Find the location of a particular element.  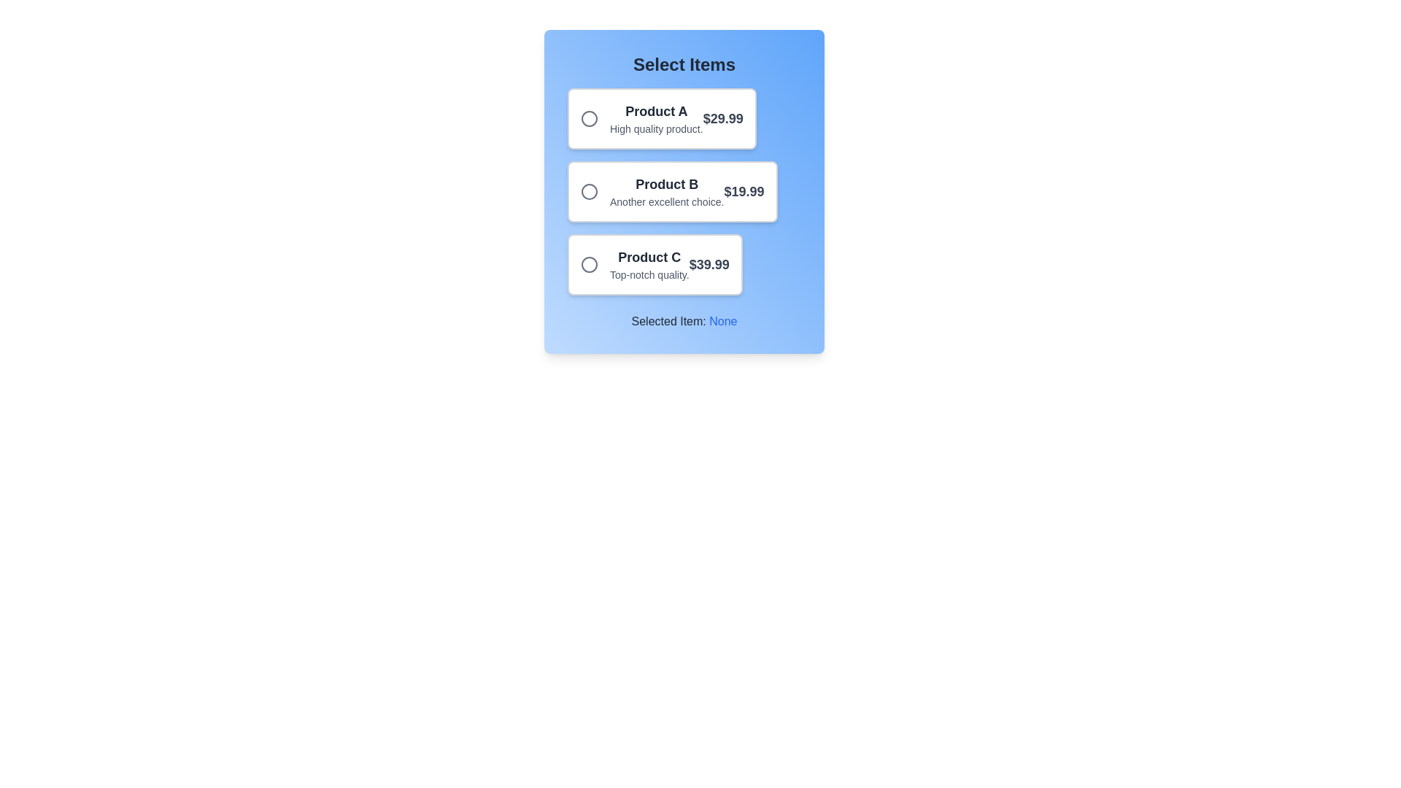

the static text label providing a description of 'Product C' located below the 'Product C' text in the third row of options is located at coordinates (649, 275).